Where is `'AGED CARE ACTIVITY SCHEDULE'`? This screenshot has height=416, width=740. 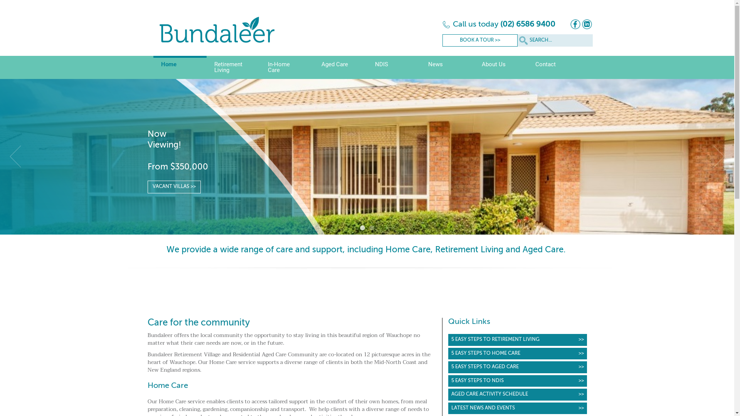
'AGED CARE ACTIVITY SCHEDULE' is located at coordinates (517, 394).